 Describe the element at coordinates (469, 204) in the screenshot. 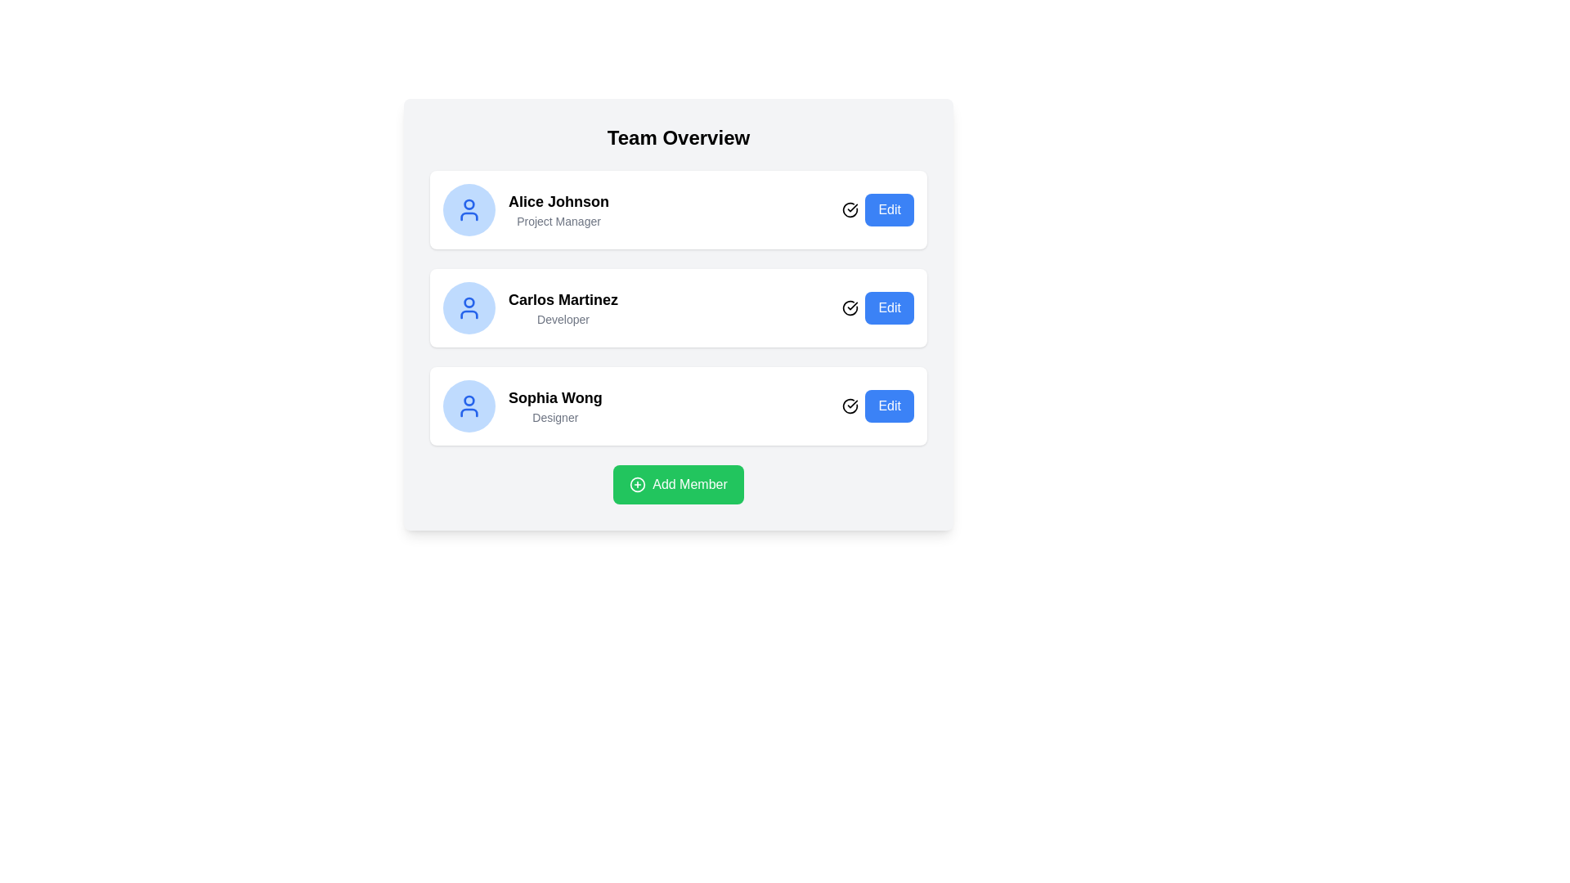

I see `the decorative head of the user icon representing 'Alice Johnson', located at the top-left corner of the card` at that location.